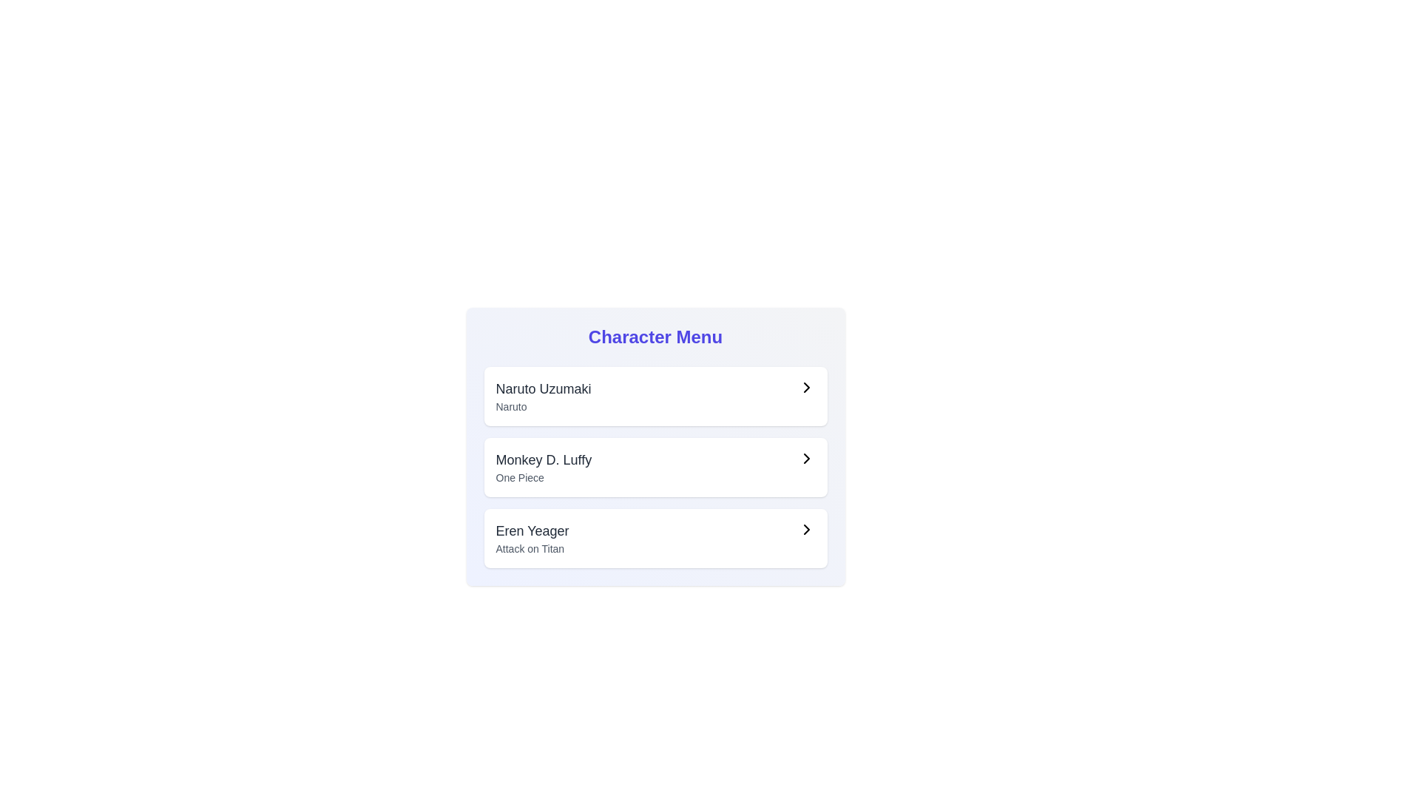 The width and height of the screenshot is (1420, 799). What do you see at coordinates (805, 458) in the screenshot?
I see `the rightward-pointing chevron icon located on the far-right side of the row containing 'Monkey D. Luffy' and 'One Piece'` at bounding box center [805, 458].